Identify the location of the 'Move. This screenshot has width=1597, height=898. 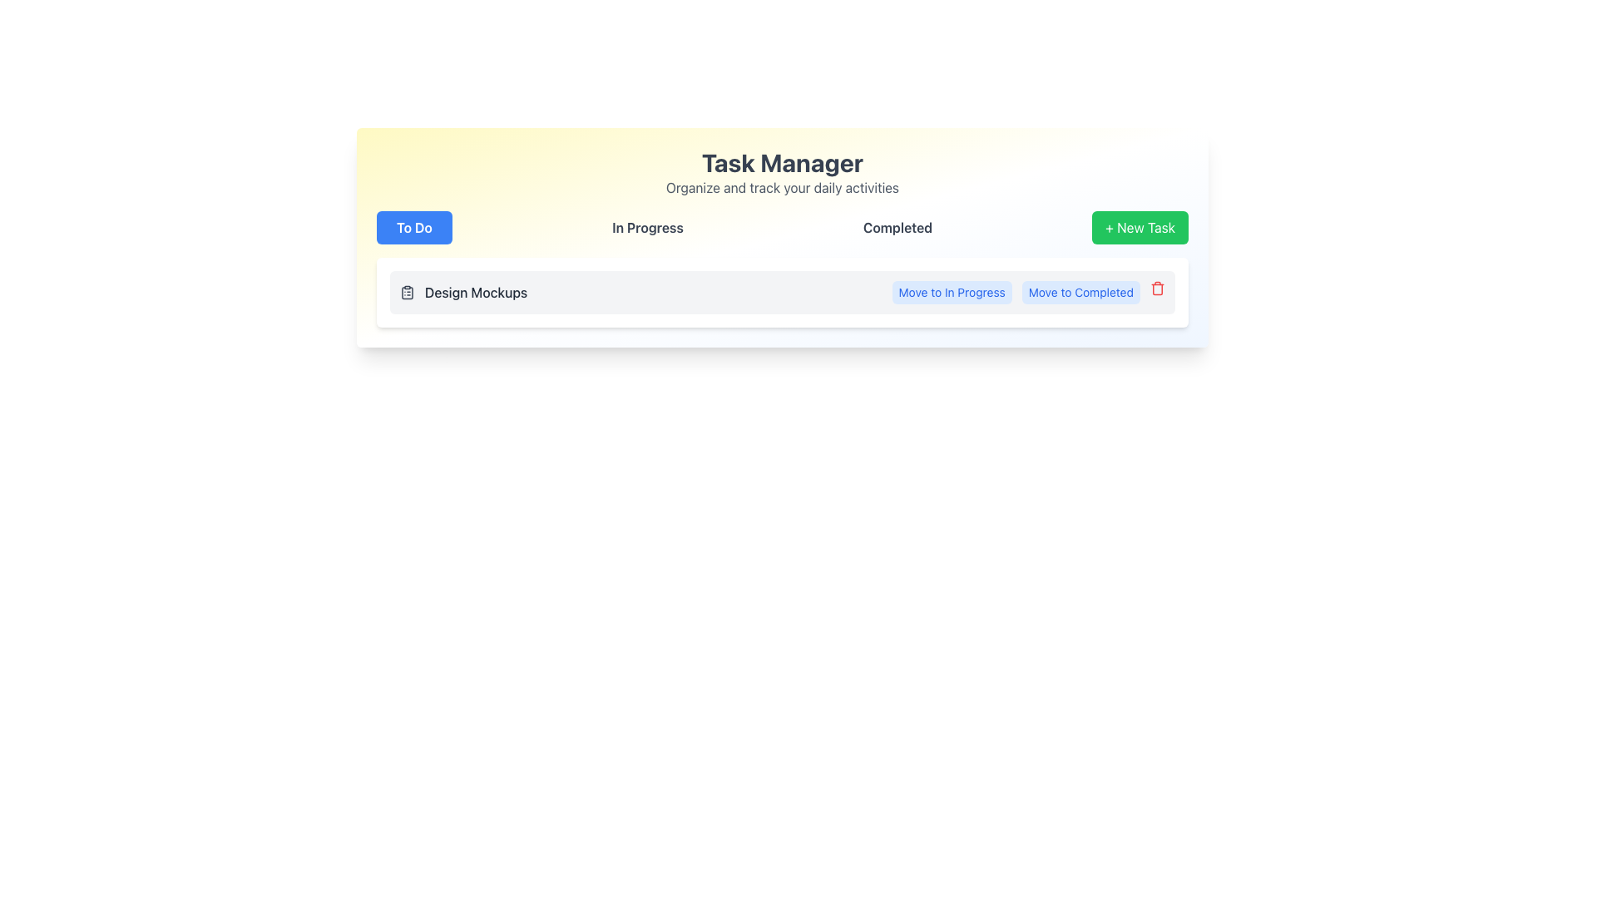
(1080, 291).